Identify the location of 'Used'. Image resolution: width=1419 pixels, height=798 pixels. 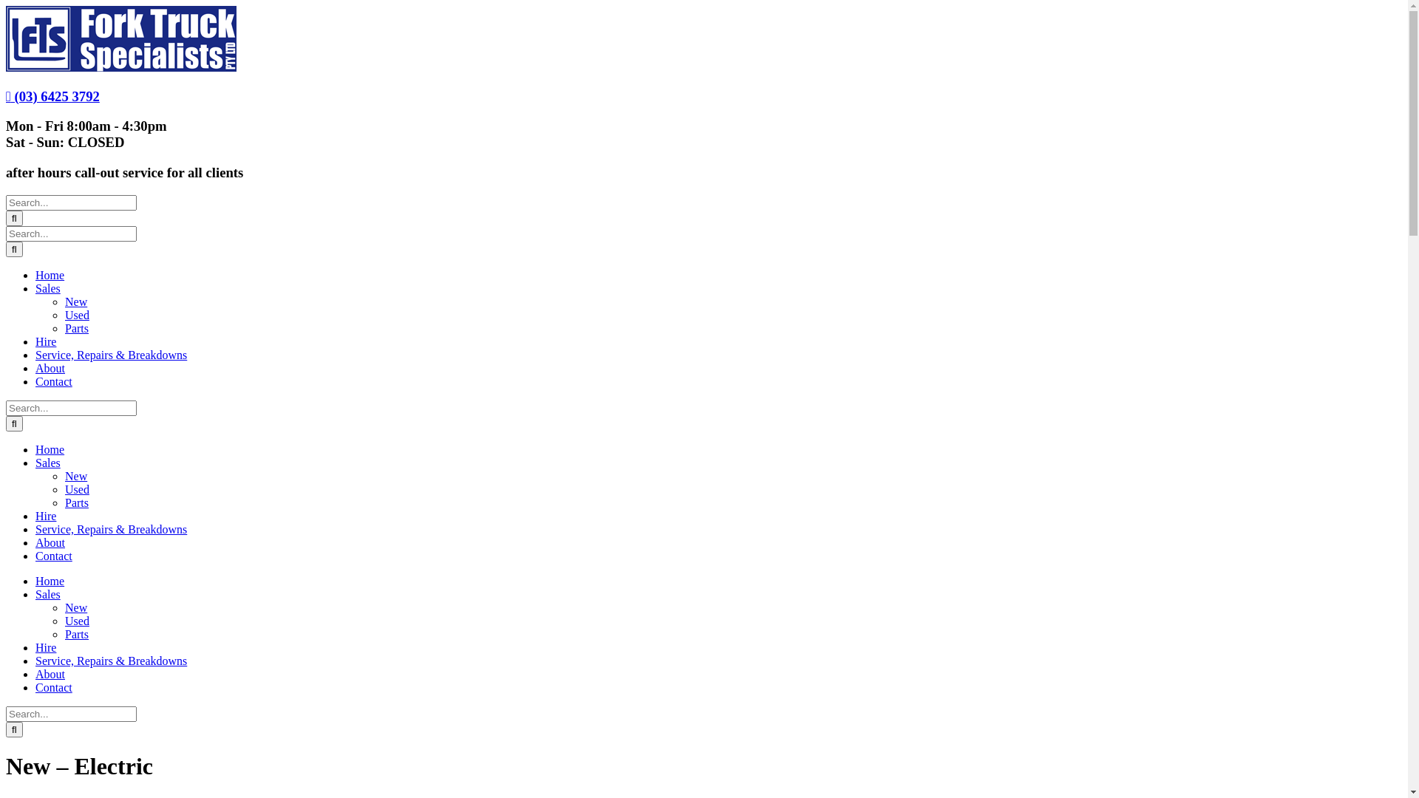
(76, 489).